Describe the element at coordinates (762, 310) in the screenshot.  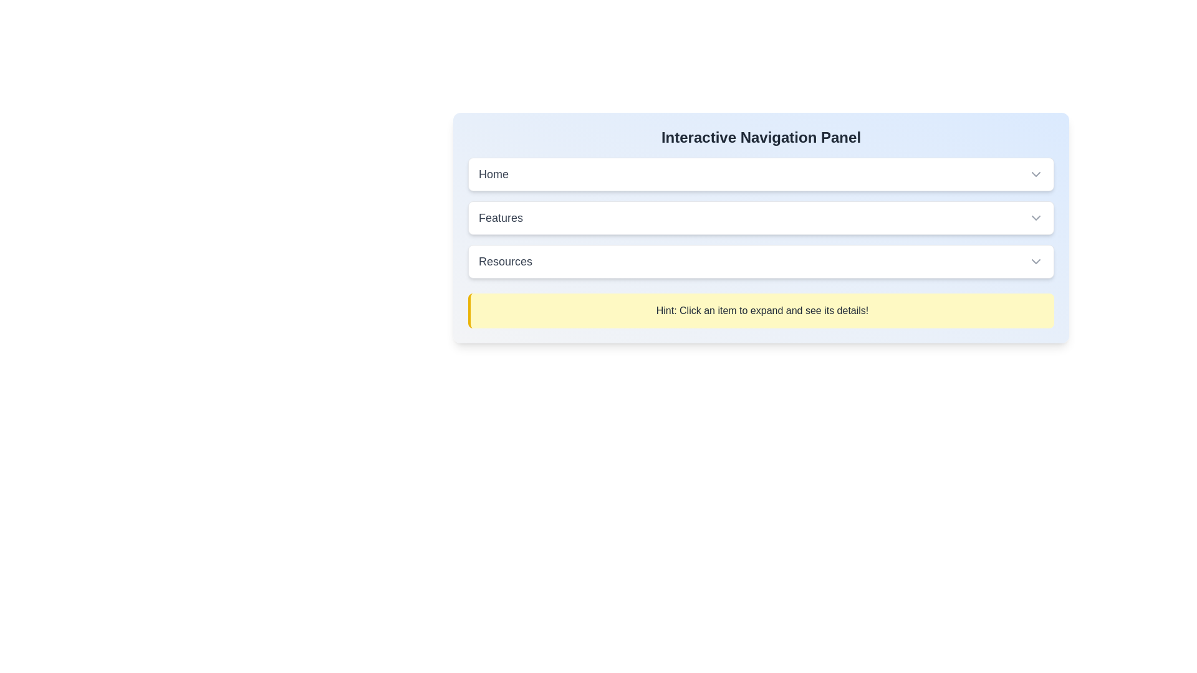
I see `the text display that shows the message 'Hint: Click an item to expand and see its details!' which is styled in gray and located within a yellow background box below the 'Resources' dropdown` at that location.